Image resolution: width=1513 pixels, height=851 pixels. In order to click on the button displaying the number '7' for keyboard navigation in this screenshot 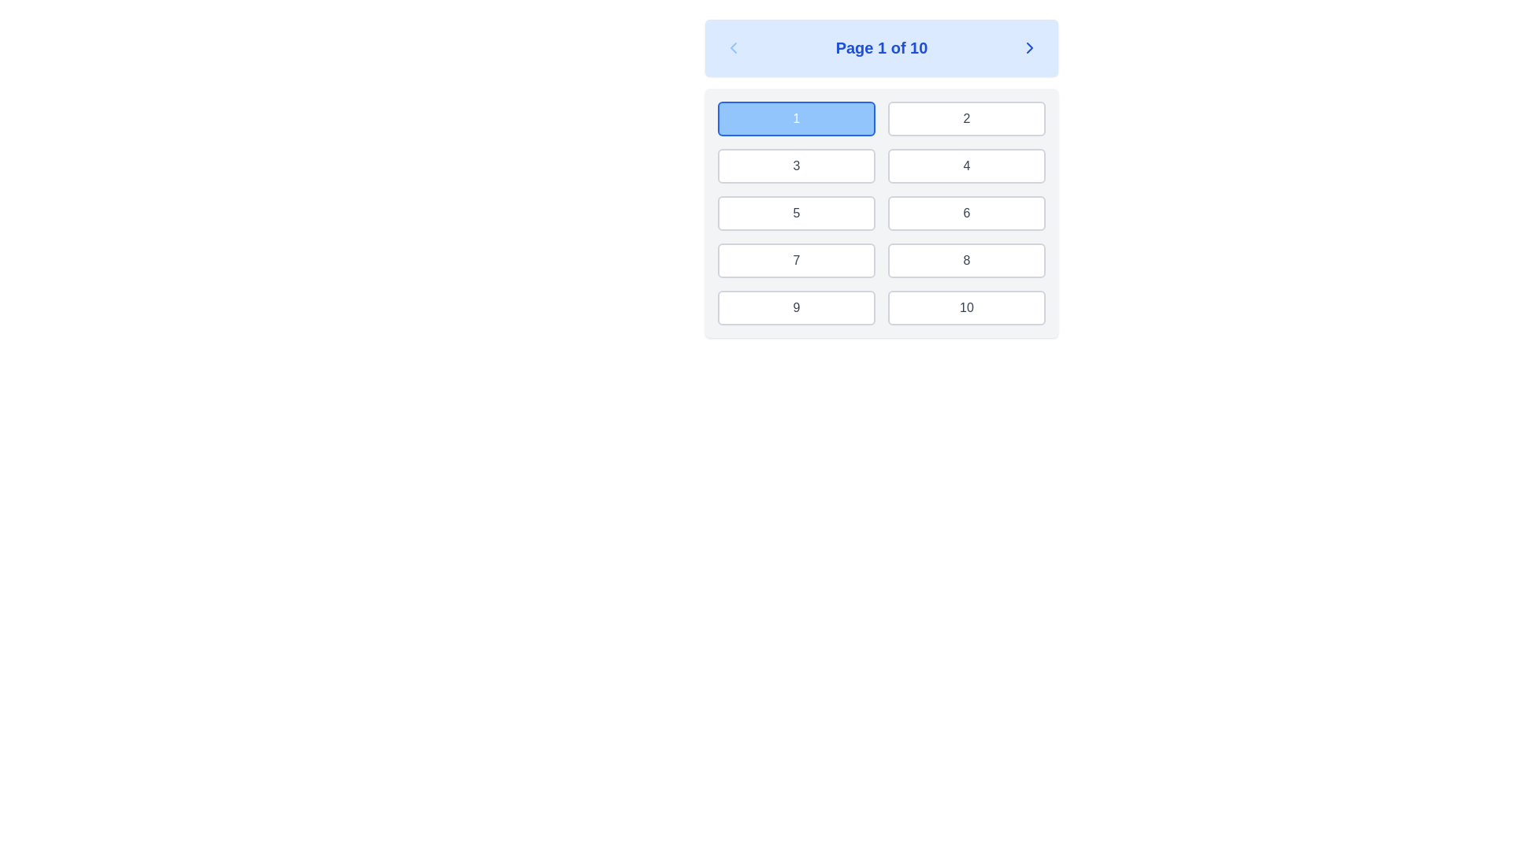, I will do `click(797, 260)`.